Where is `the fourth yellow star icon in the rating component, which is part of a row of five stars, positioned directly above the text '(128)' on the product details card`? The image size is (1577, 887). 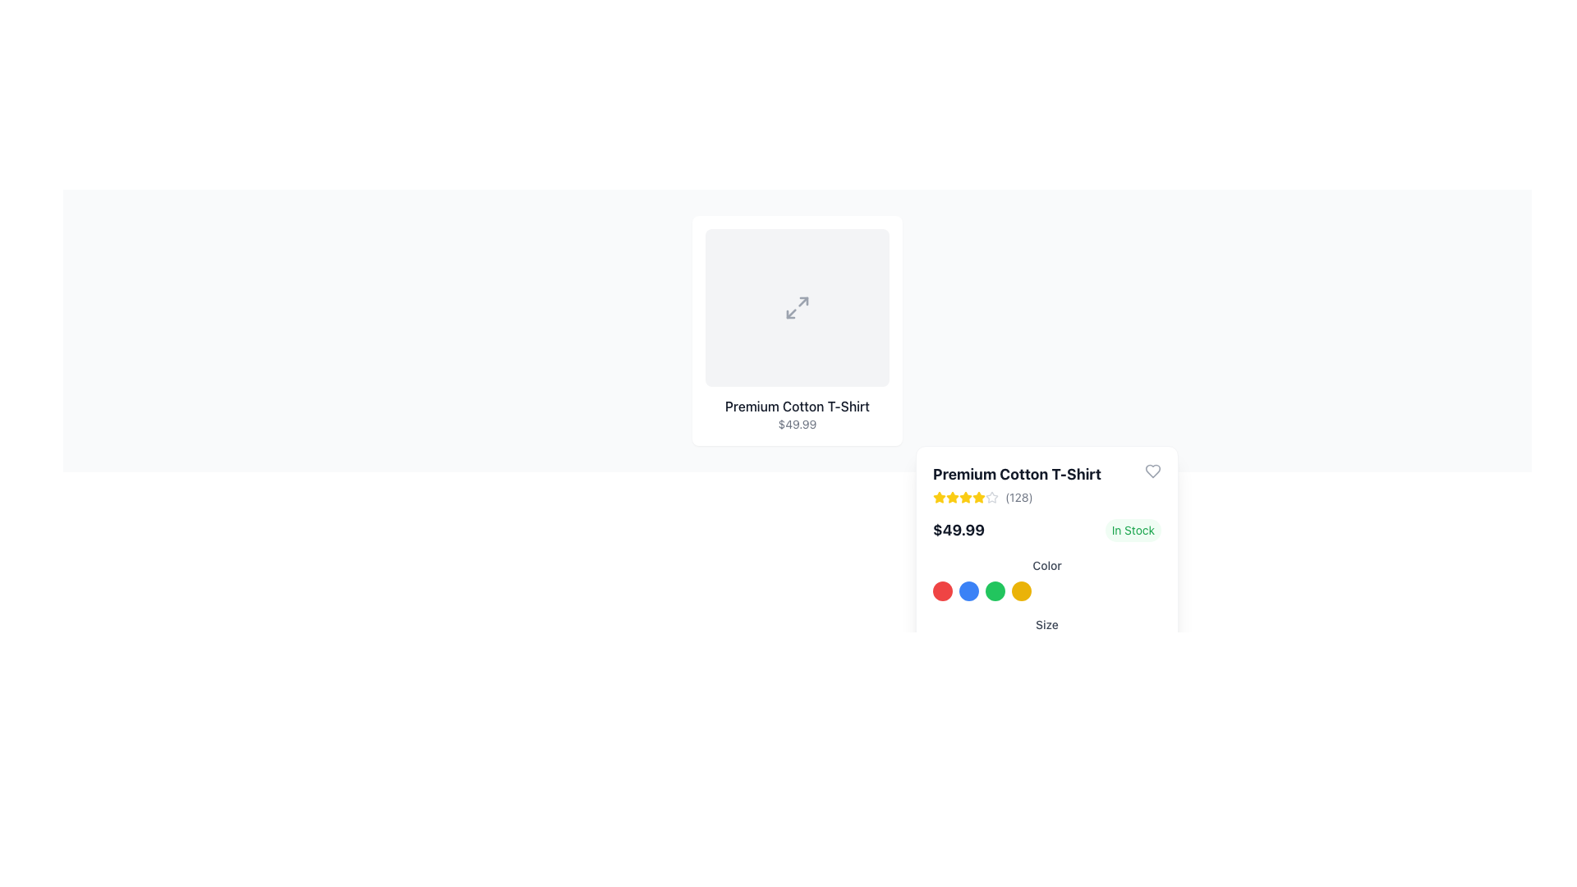 the fourth yellow star icon in the rating component, which is part of a row of five stars, positioned directly above the text '(128)' on the product details card is located at coordinates (966, 496).